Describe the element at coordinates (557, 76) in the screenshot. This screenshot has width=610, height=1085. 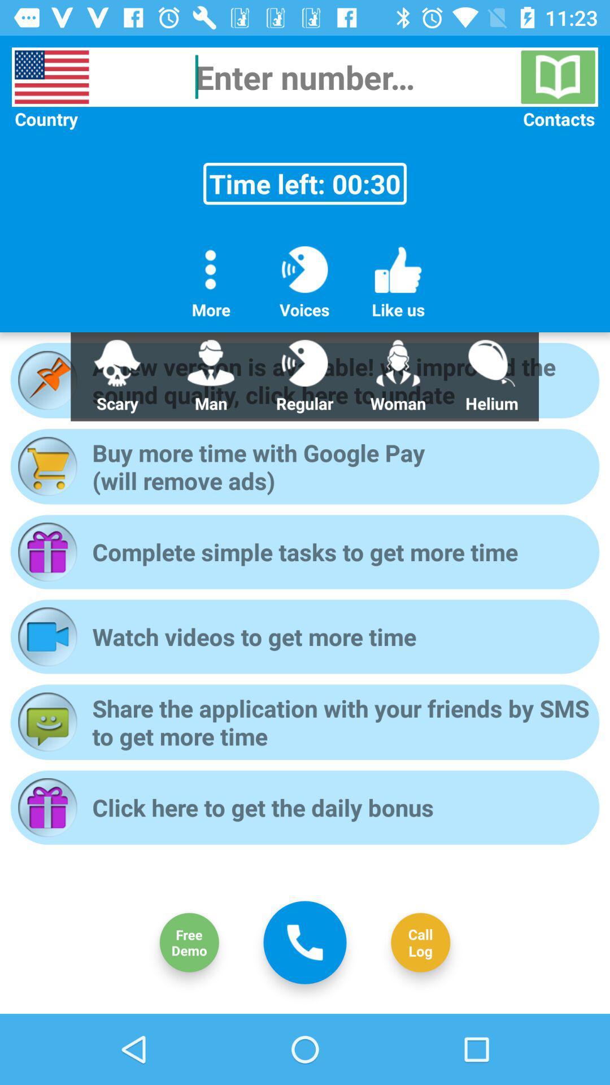
I see `the book icon` at that location.